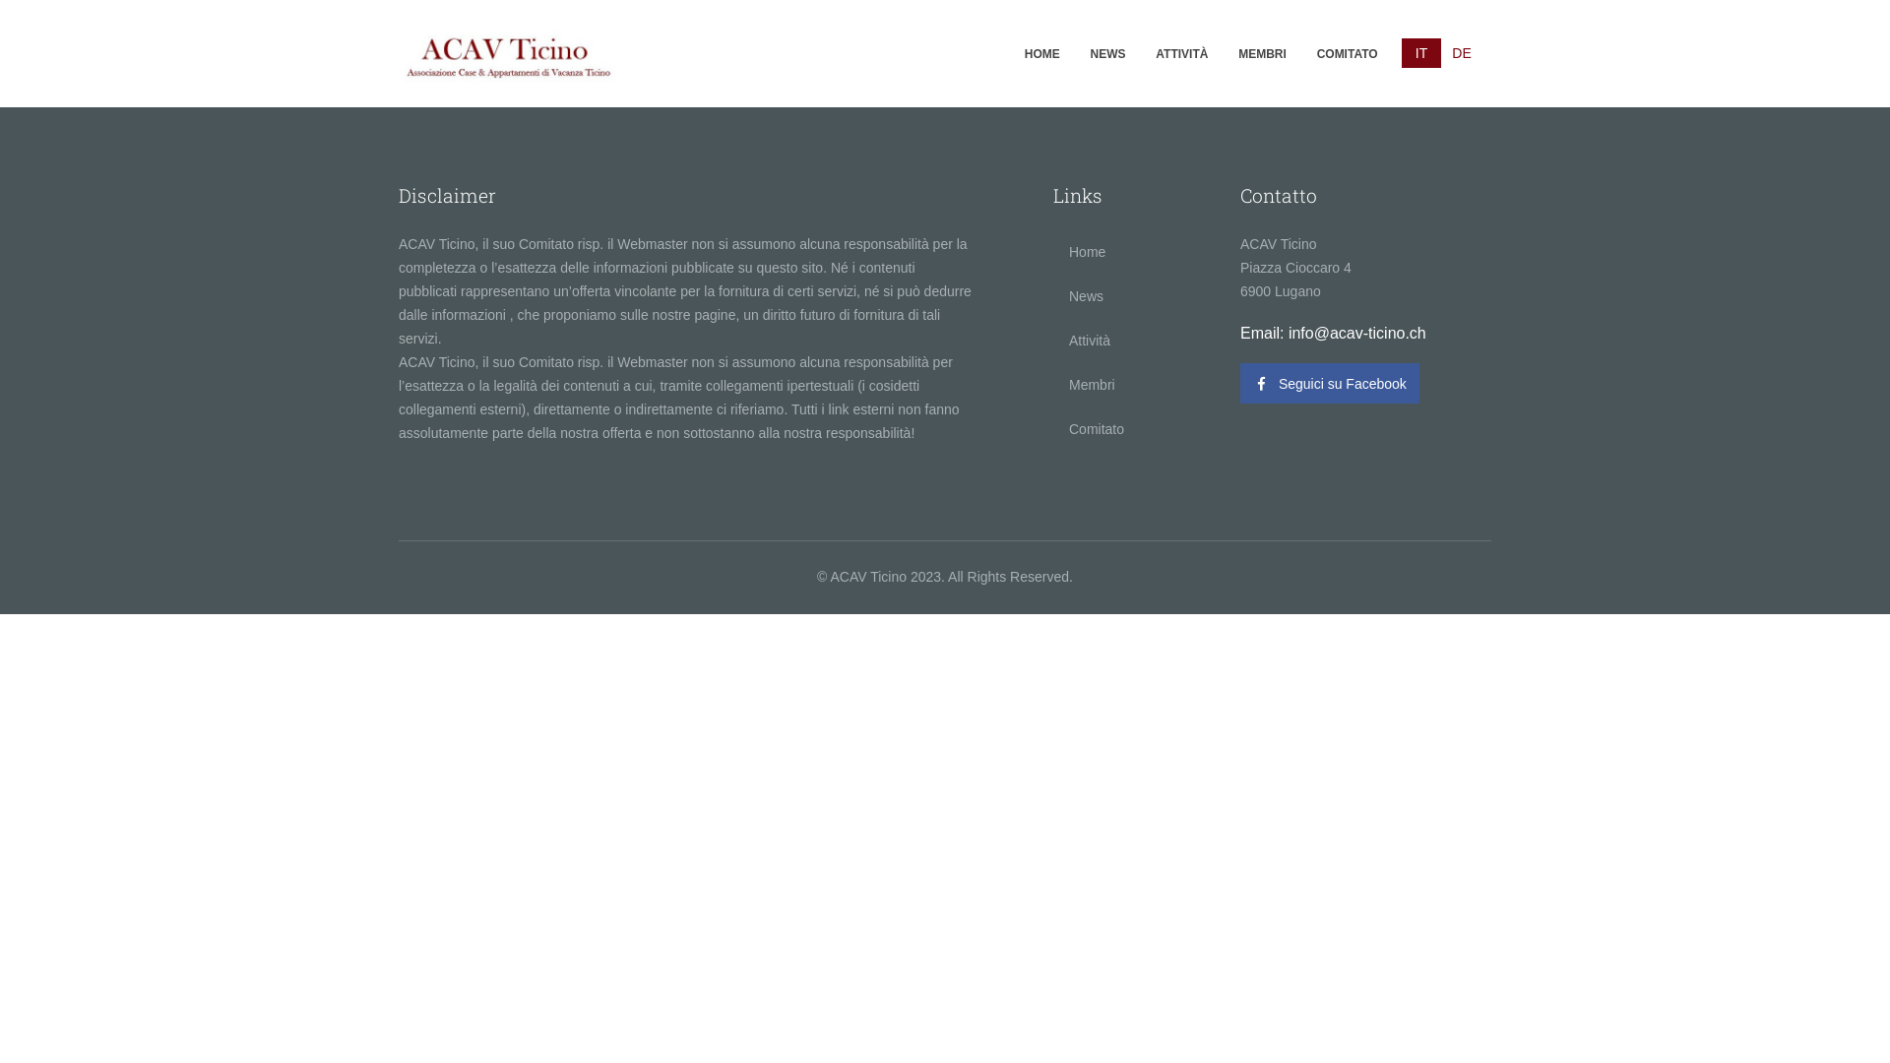  I want to click on 'News', so click(1132, 295).